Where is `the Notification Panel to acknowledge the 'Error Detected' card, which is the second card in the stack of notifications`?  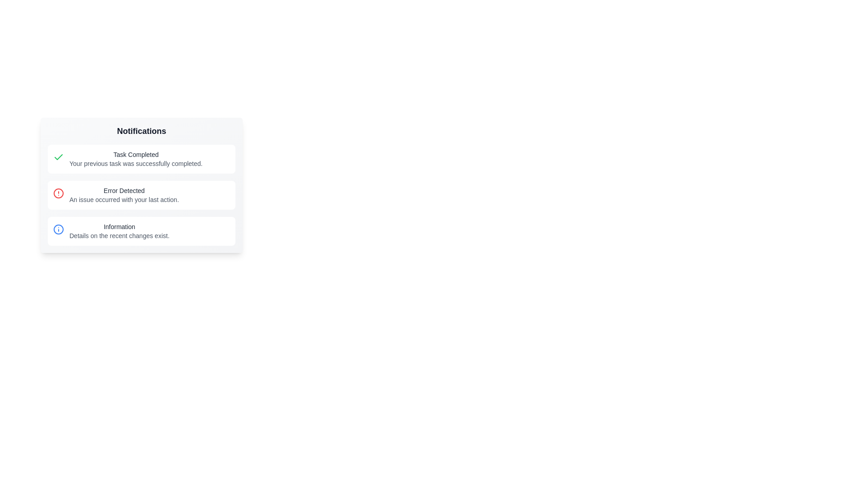 the Notification Panel to acknowledge the 'Error Detected' card, which is the second card in the stack of notifications is located at coordinates (141, 185).